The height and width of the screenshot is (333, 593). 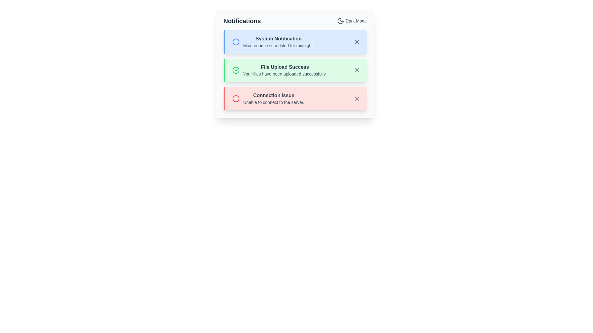 I want to click on the text label reading 'Maintenance scheduled for midnight.' located under the header 'System Notification' within the blue notification box, so click(x=278, y=45).